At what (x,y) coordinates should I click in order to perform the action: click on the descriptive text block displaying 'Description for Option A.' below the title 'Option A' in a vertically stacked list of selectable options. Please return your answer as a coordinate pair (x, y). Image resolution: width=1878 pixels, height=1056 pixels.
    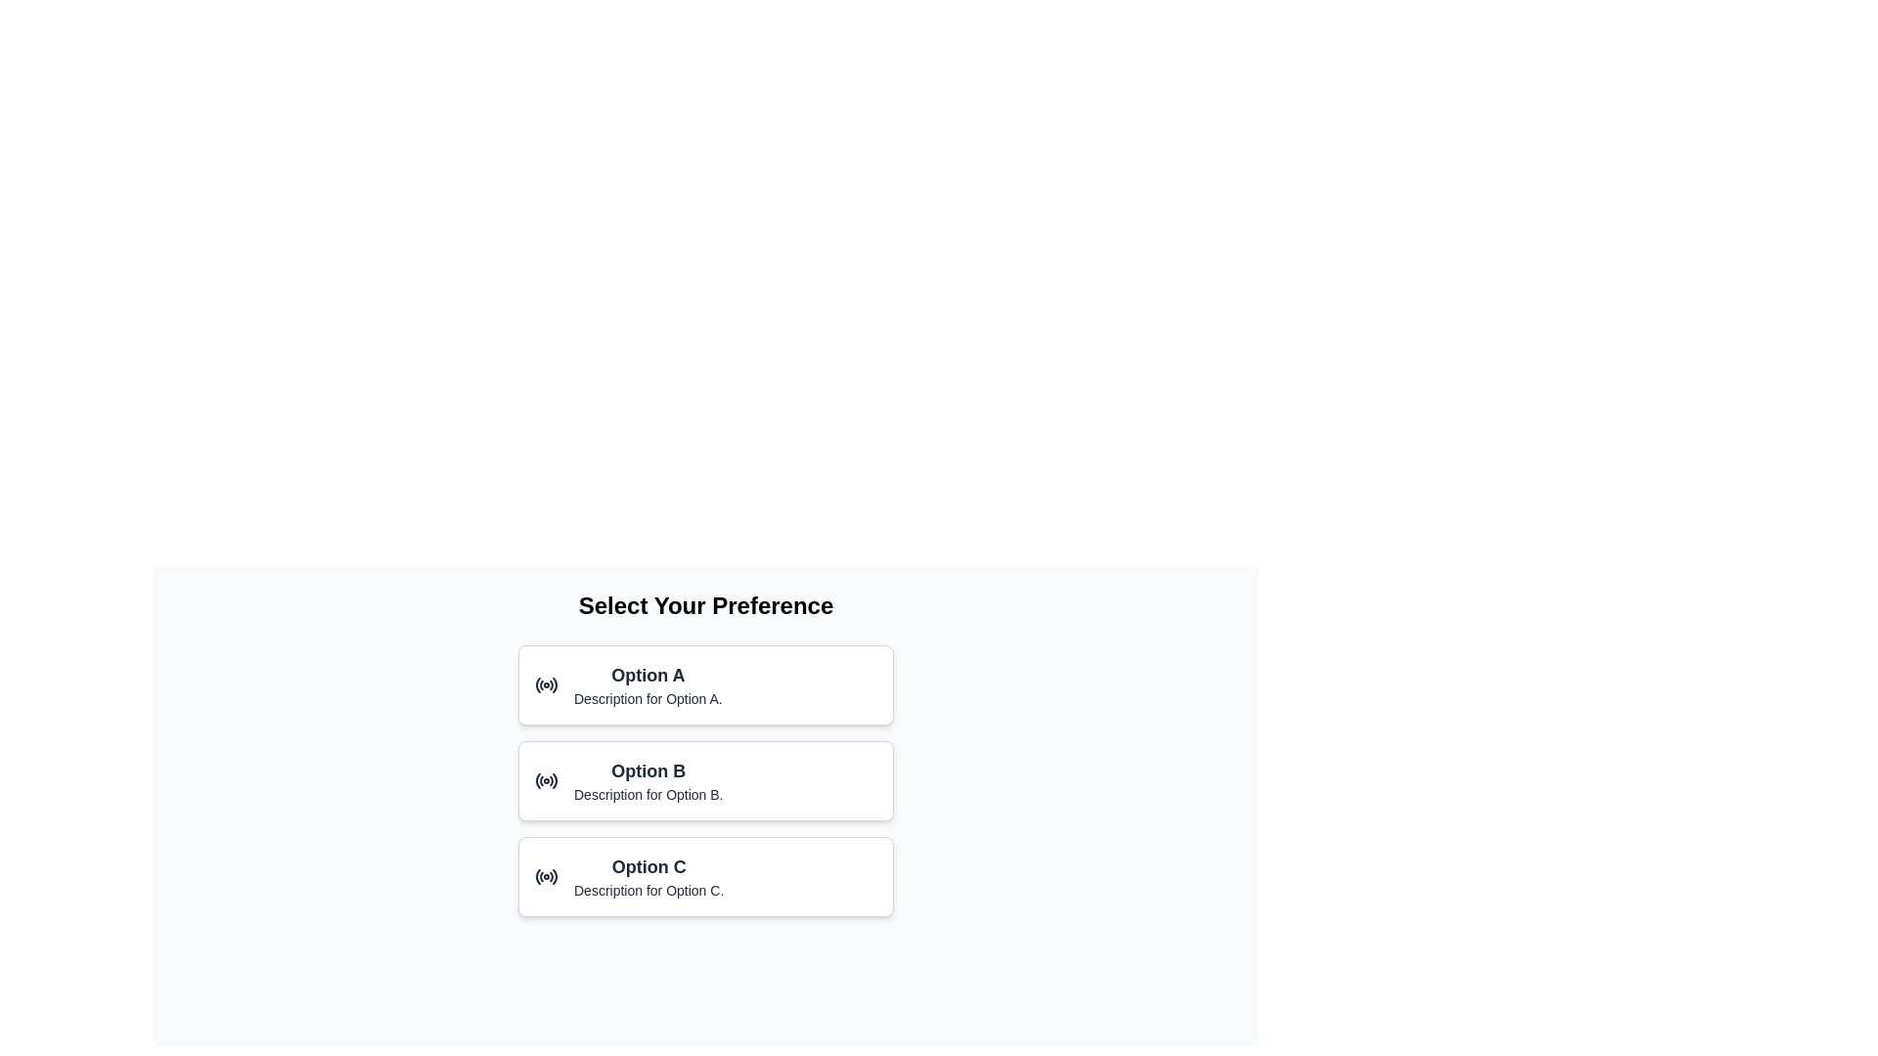
    Looking at the image, I should click on (648, 684).